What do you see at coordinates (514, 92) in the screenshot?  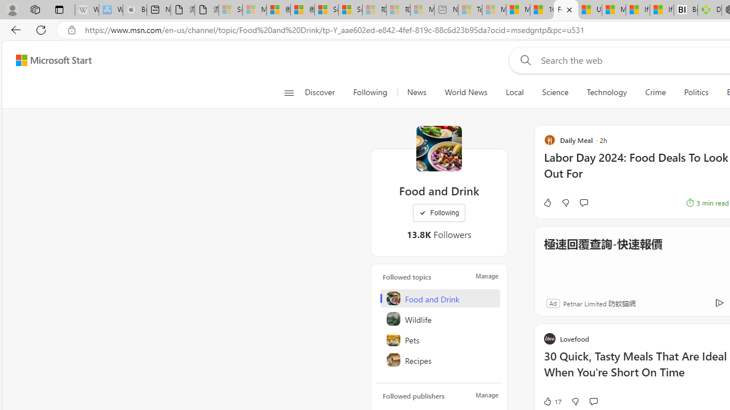 I see `'Local'` at bounding box center [514, 92].